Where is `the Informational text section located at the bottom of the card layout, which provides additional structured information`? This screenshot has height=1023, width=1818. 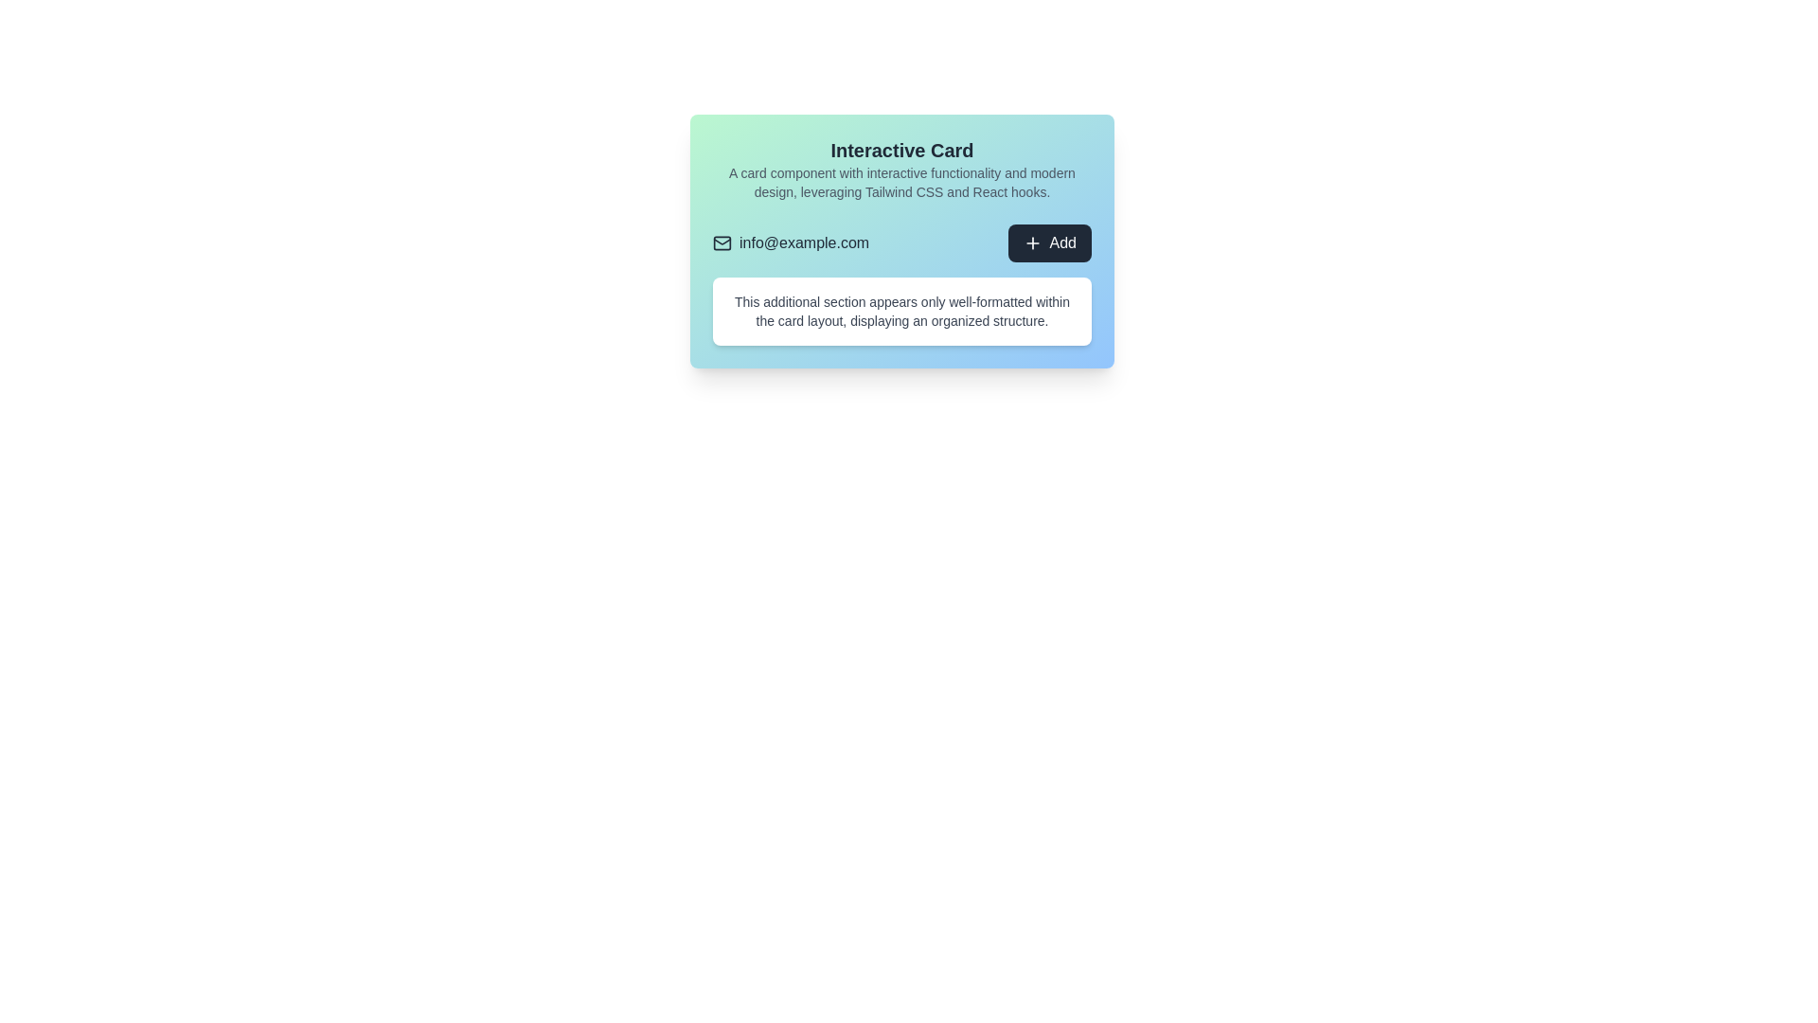
the Informational text section located at the bottom of the card layout, which provides additional structured information is located at coordinates (901, 310).